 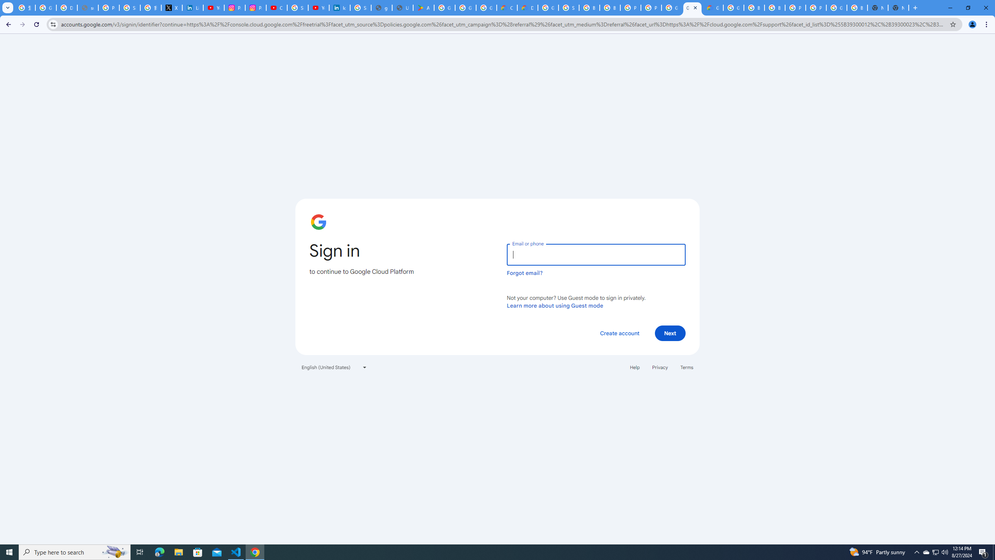 What do you see at coordinates (713, 7) in the screenshot?
I see `'Google Cloud Estimate Summary'` at bounding box center [713, 7].